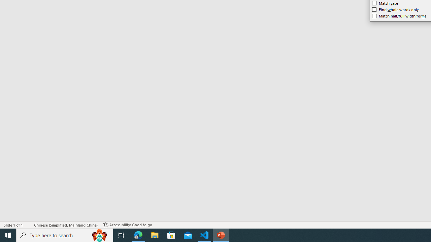  Describe the element at coordinates (99, 235) in the screenshot. I see `'Search highlights icon opens search home window'` at that location.